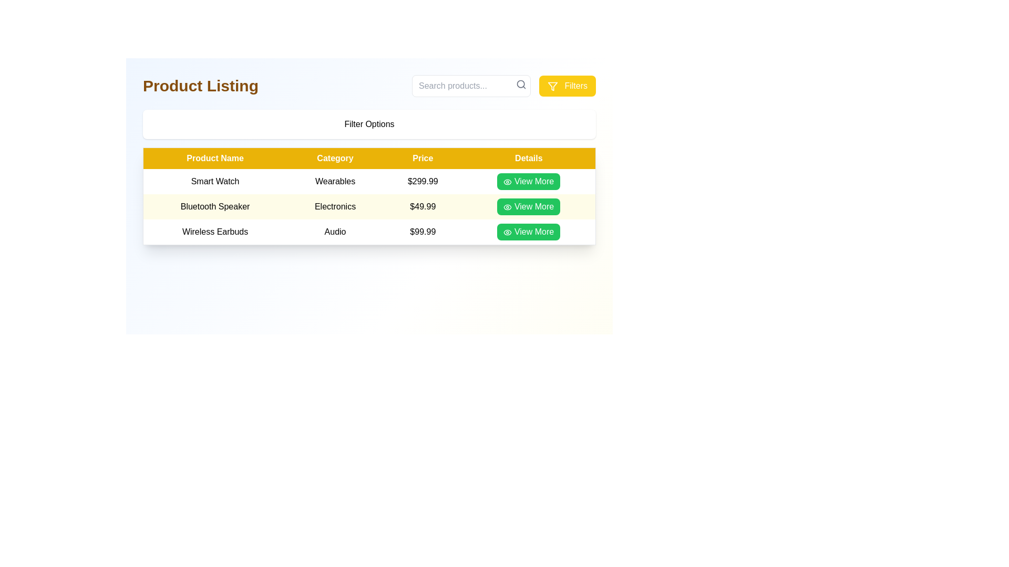 This screenshot has height=567, width=1009. Describe the element at coordinates (529, 158) in the screenshot. I see `the 'Details' header text label located at the top-right of the table, which is the fourth column in the header row` at that location.